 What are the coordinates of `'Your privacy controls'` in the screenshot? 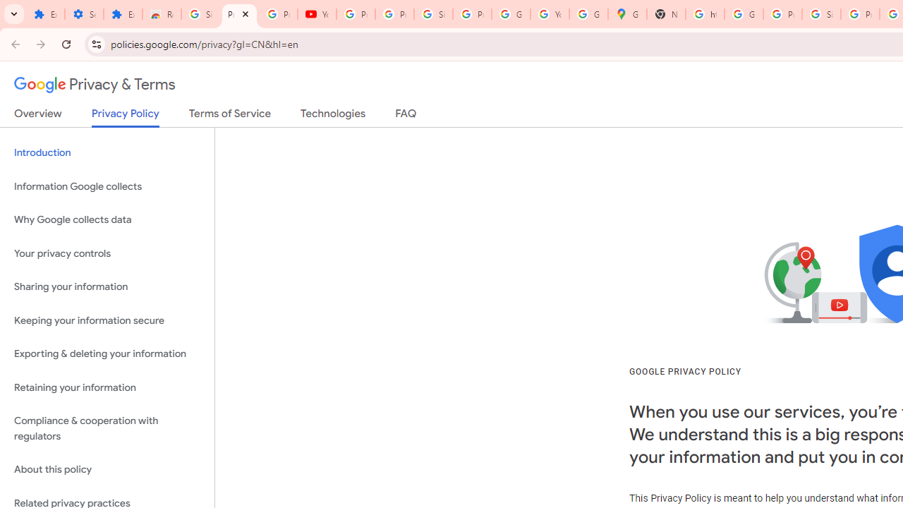 It's located at (107, 253).